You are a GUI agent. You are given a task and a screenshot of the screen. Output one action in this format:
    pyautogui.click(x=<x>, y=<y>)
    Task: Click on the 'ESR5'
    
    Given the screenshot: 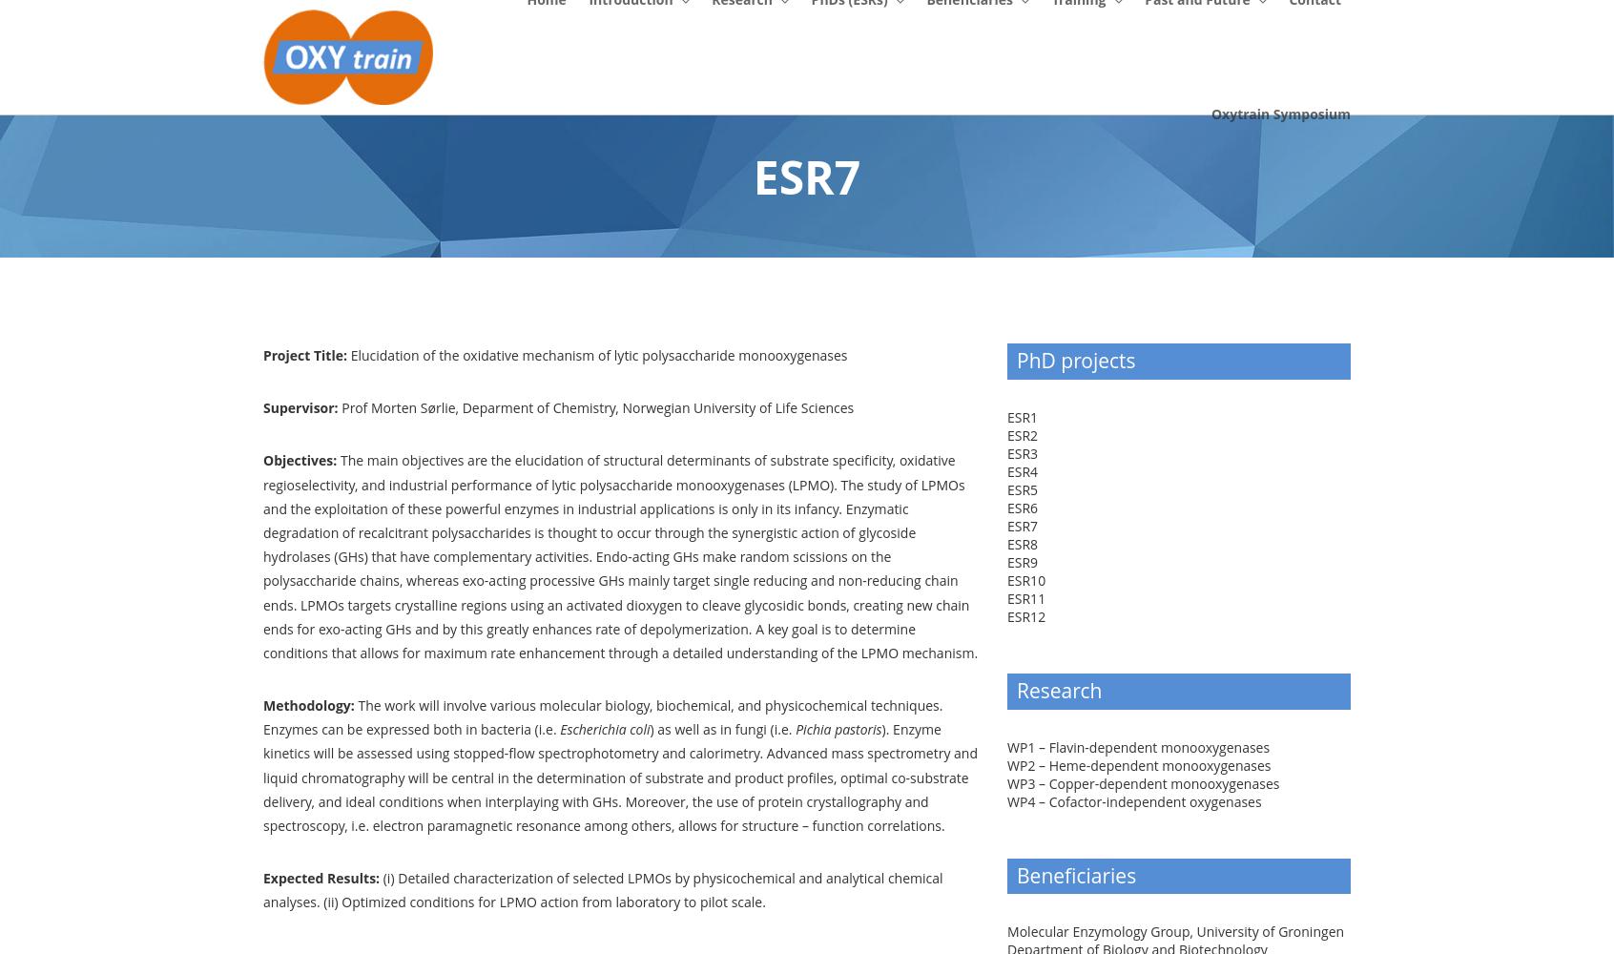 What is the action you would take?
    pyautogui.click(x=1023, y=488)
    